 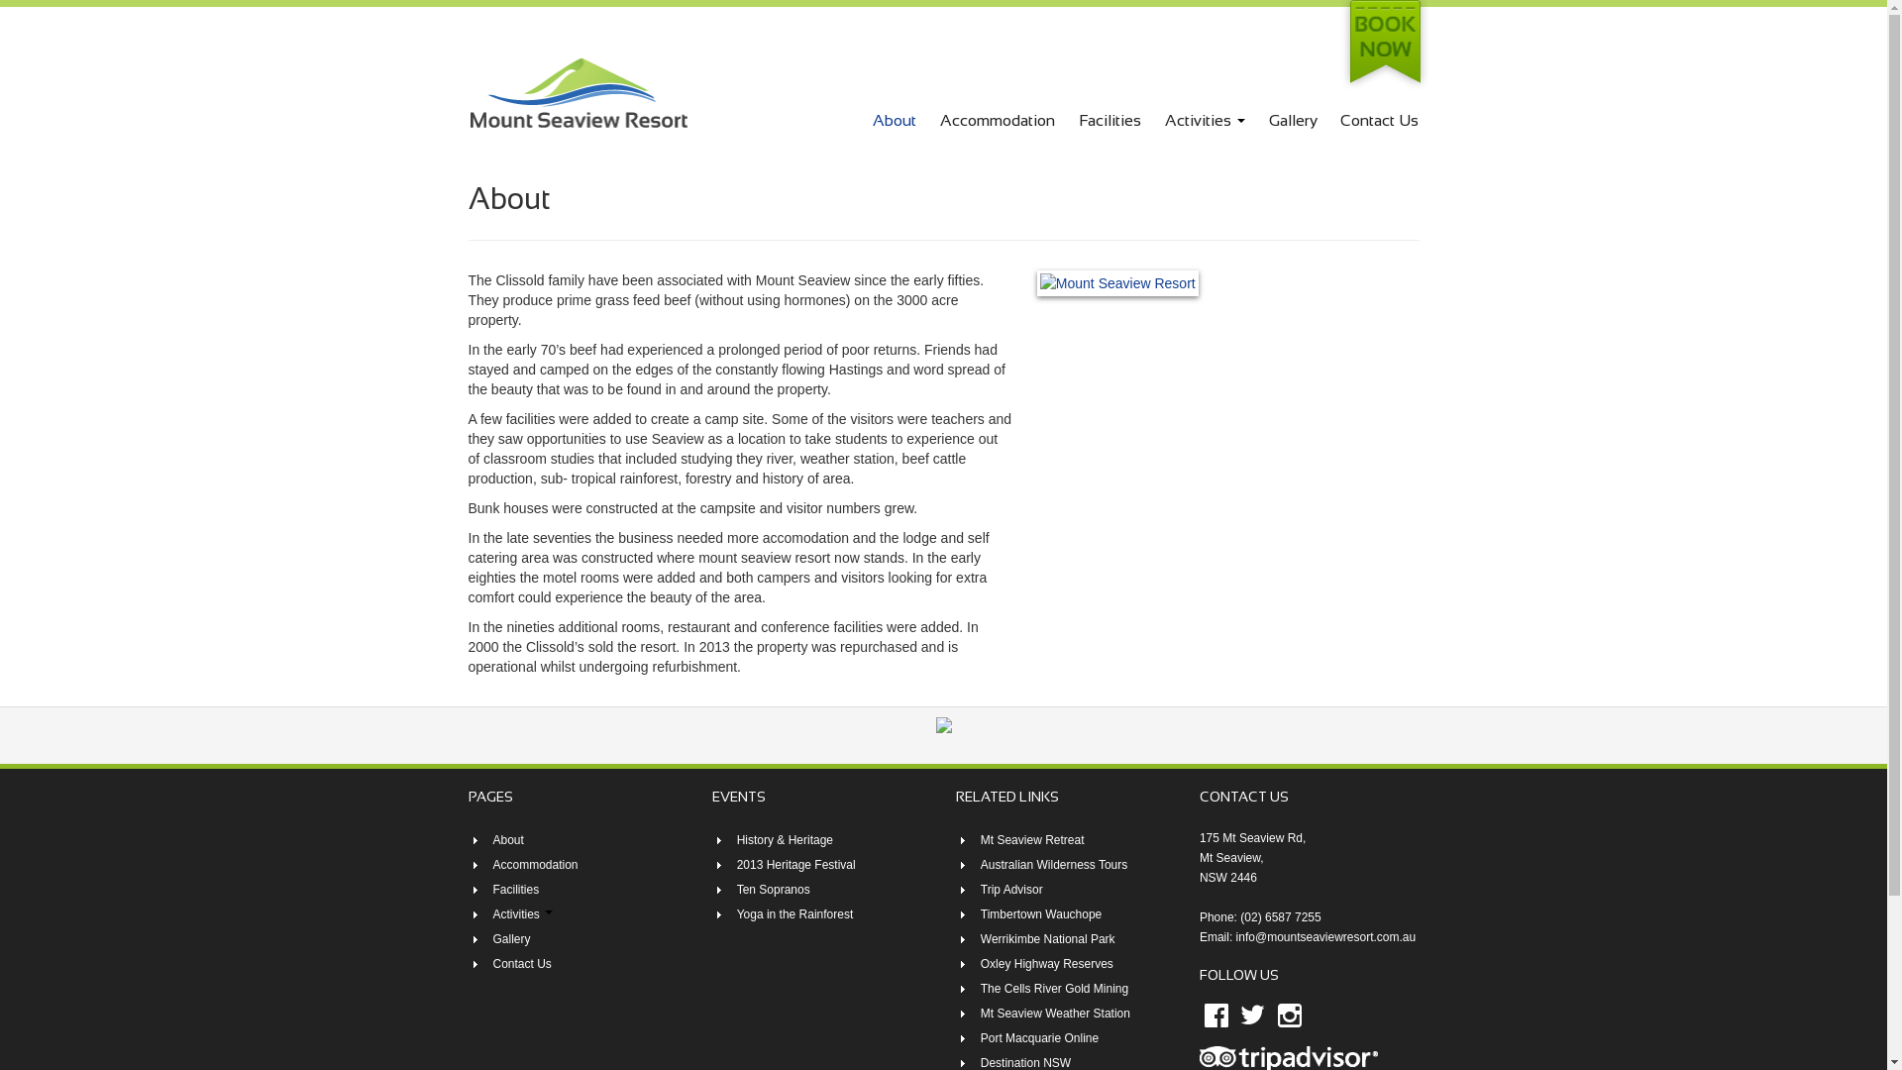 What do you see at coordinates (773, 889) in the screenshot?
I see `'Ten Sopranos'` at bounding box center [773, 889].